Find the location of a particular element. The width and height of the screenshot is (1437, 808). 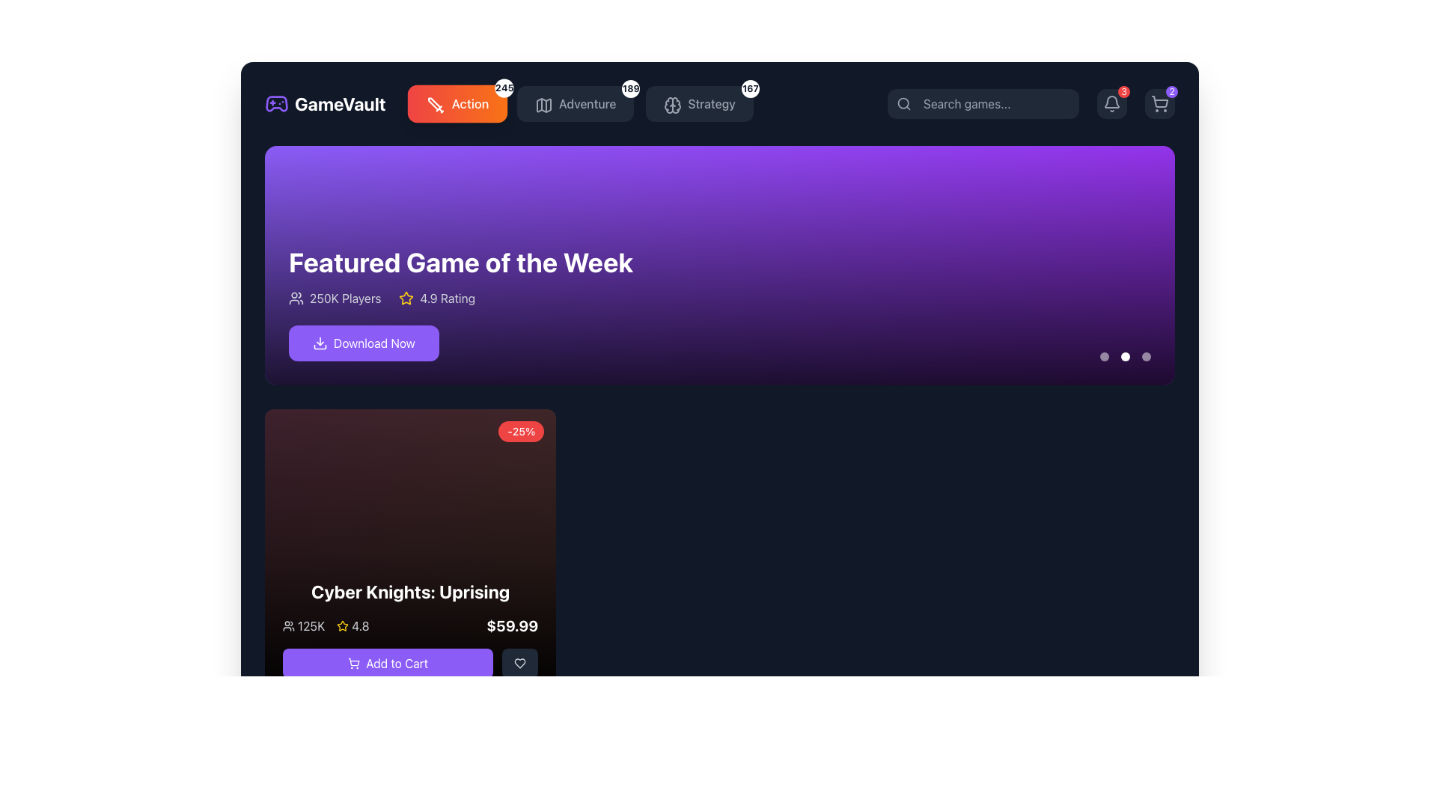

the shopping cart icon located at the top-right of the interface is located at coordinates (1159, 102).